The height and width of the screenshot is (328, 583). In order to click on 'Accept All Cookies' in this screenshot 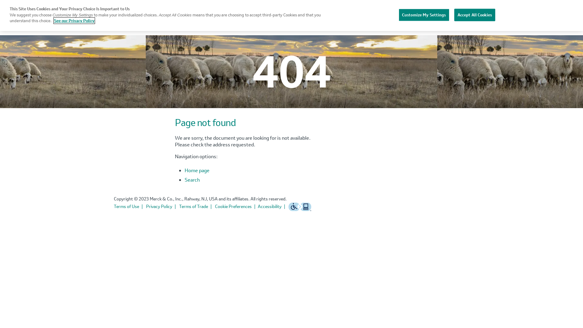, I will do `click(474, 15)`.